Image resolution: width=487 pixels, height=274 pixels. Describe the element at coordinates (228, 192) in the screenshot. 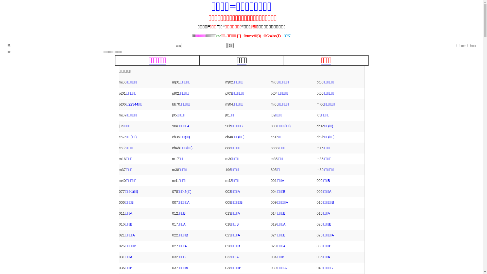

I see `'003'` at that location.